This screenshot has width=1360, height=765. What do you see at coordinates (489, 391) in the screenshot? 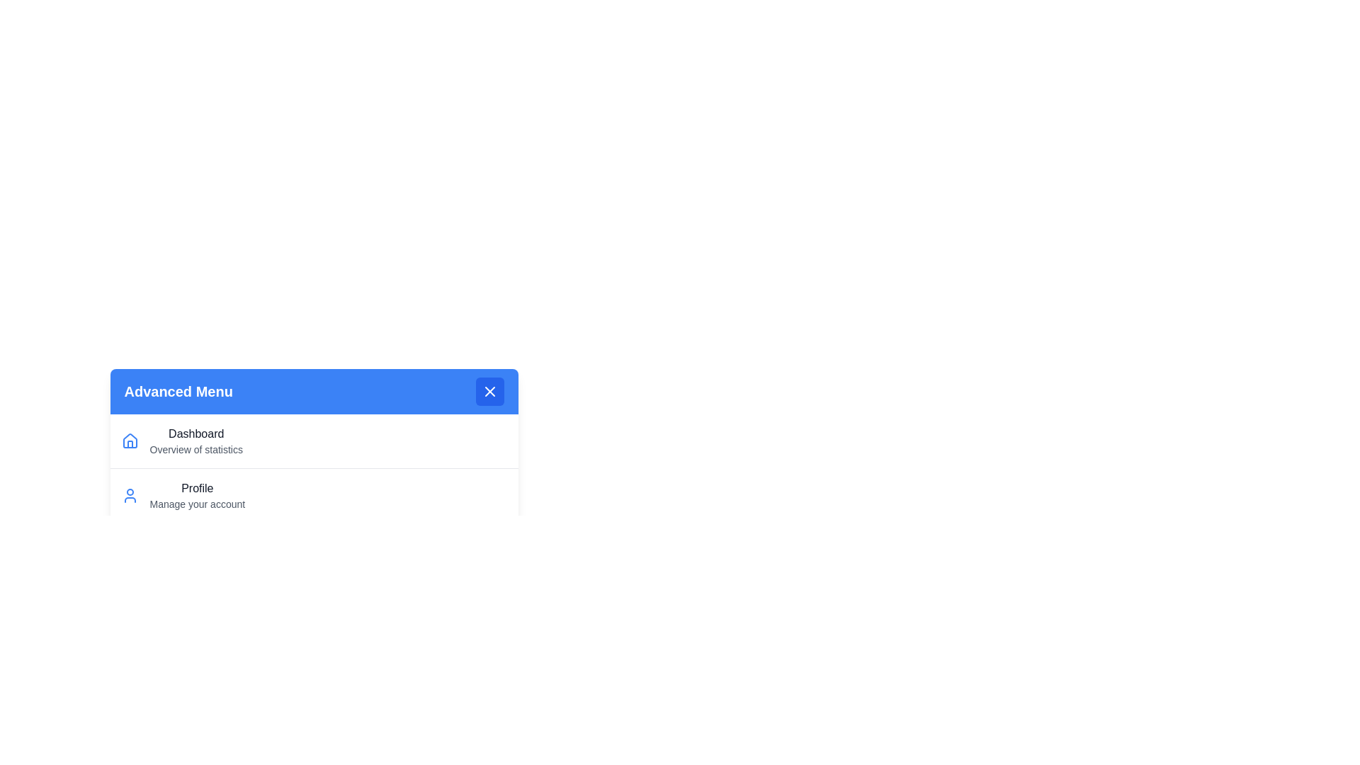
I see `'X' button in the header of the Advanced Menu to toggle its visibility` at bounding box center [489, 391].